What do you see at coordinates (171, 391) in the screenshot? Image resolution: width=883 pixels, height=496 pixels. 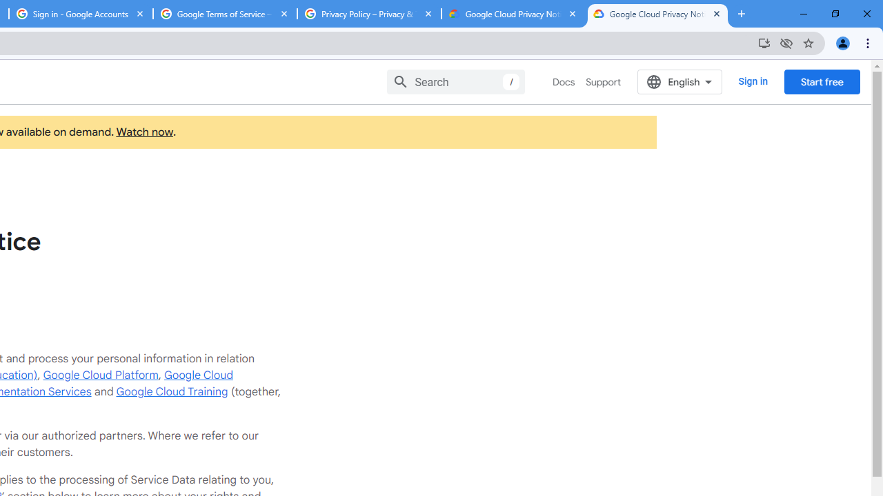 I see `'Google Cloud Training'` at bounding box center [171, 391].